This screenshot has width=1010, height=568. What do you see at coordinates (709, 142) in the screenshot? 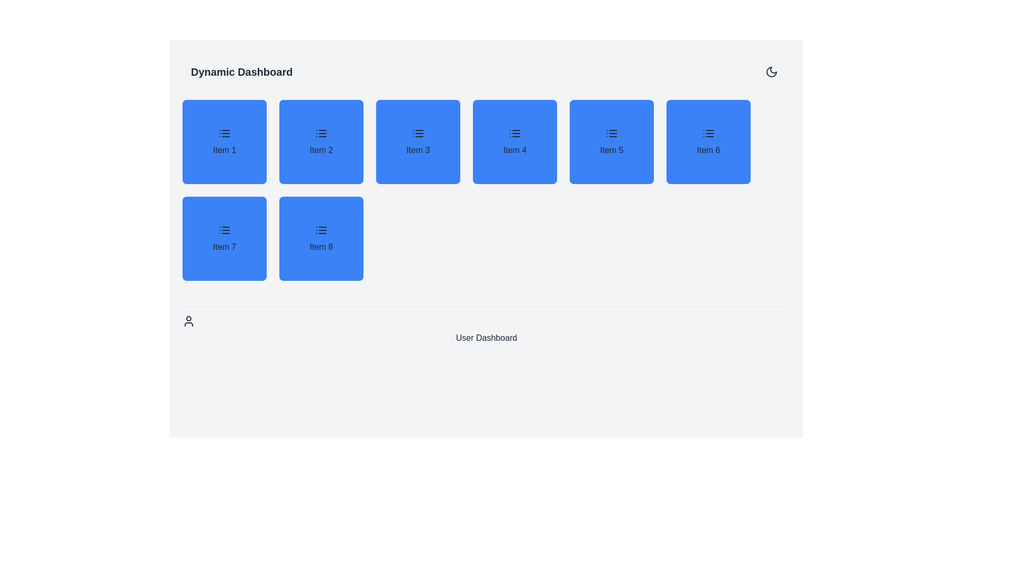
I see `the non-interactive blue square button labeled 'Item 6' with a list icon, located between 'Item 5' and 'Item 7'` at bounding box center [709, 142].